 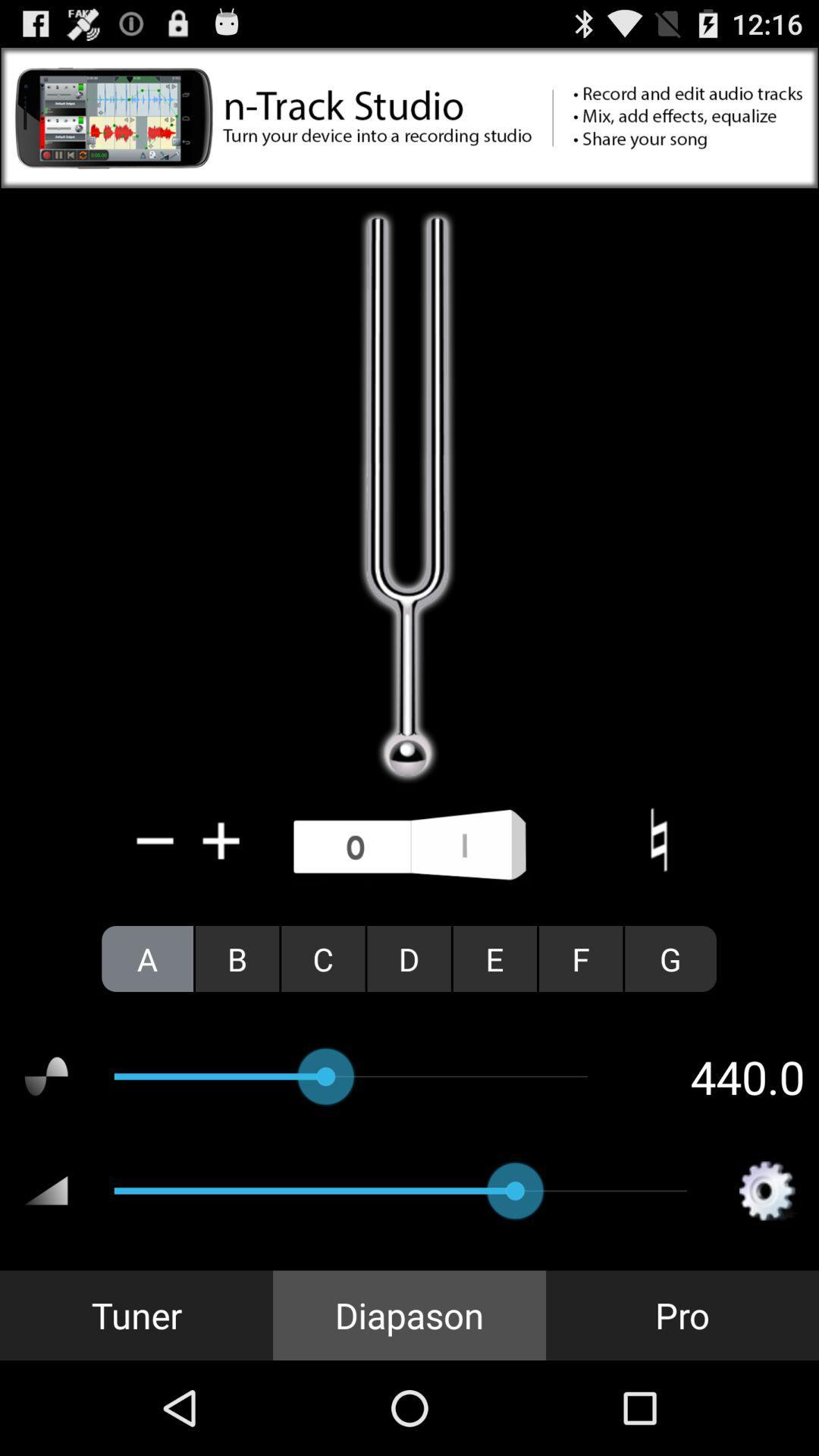 What do you see at coordinates (657, 839) in the screenshot?
I see `change scale` at bounding box center [657, 839].